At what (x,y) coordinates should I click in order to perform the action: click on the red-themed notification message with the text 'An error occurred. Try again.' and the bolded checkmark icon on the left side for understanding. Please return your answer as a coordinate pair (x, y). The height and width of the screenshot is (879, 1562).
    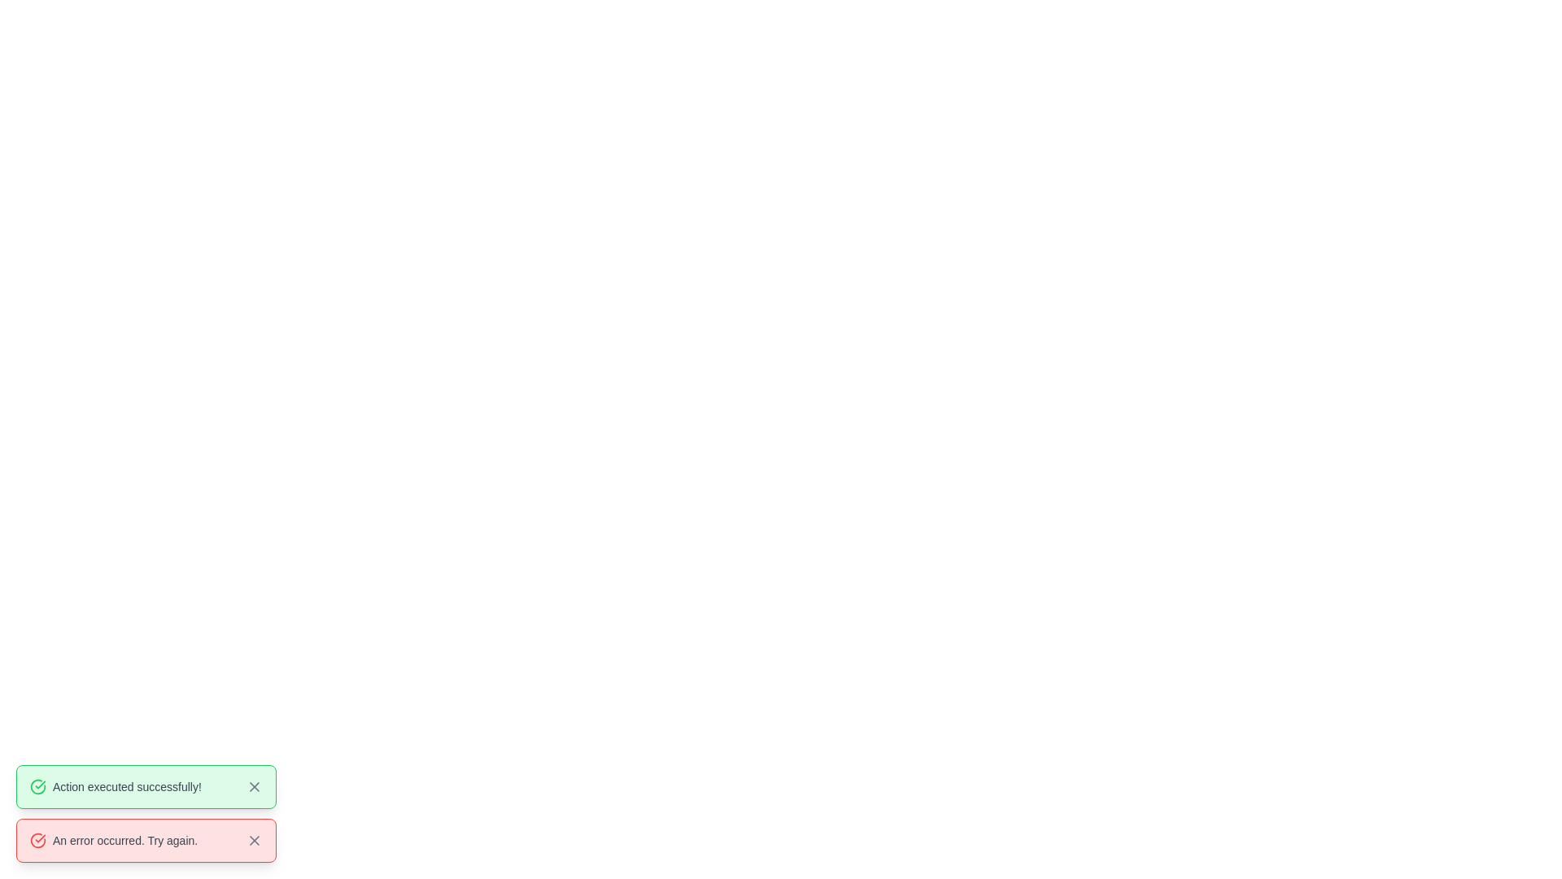
    Looking at the image, I should click on (113, 841).